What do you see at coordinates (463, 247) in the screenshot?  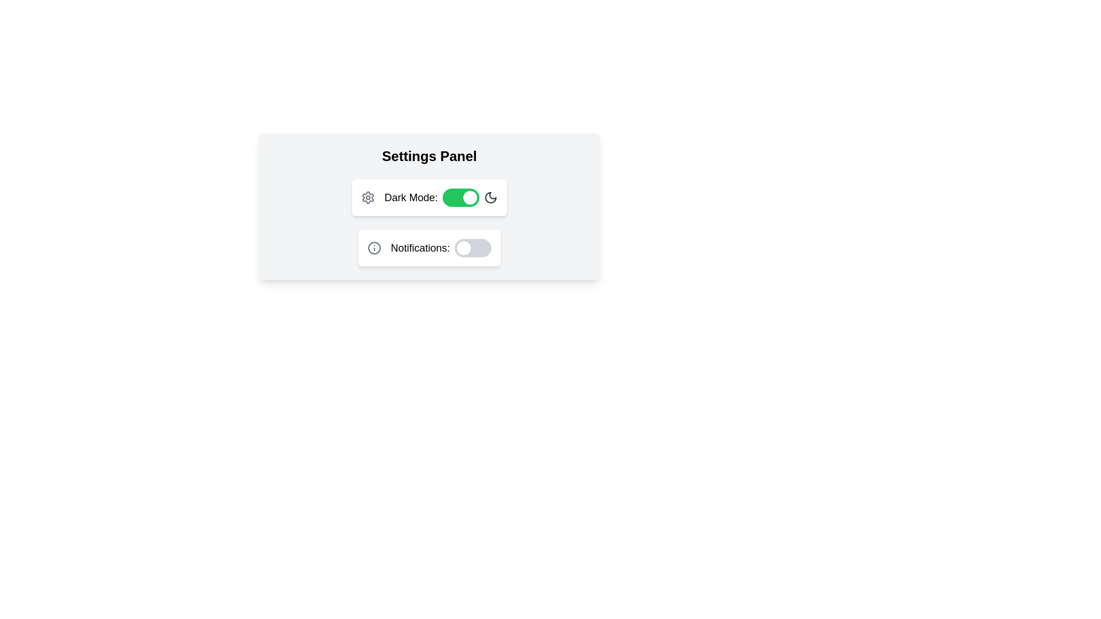 I see `the small circular toggle indicator within the lower toggle switch of the settings panel` at bounding box center [463, 247].